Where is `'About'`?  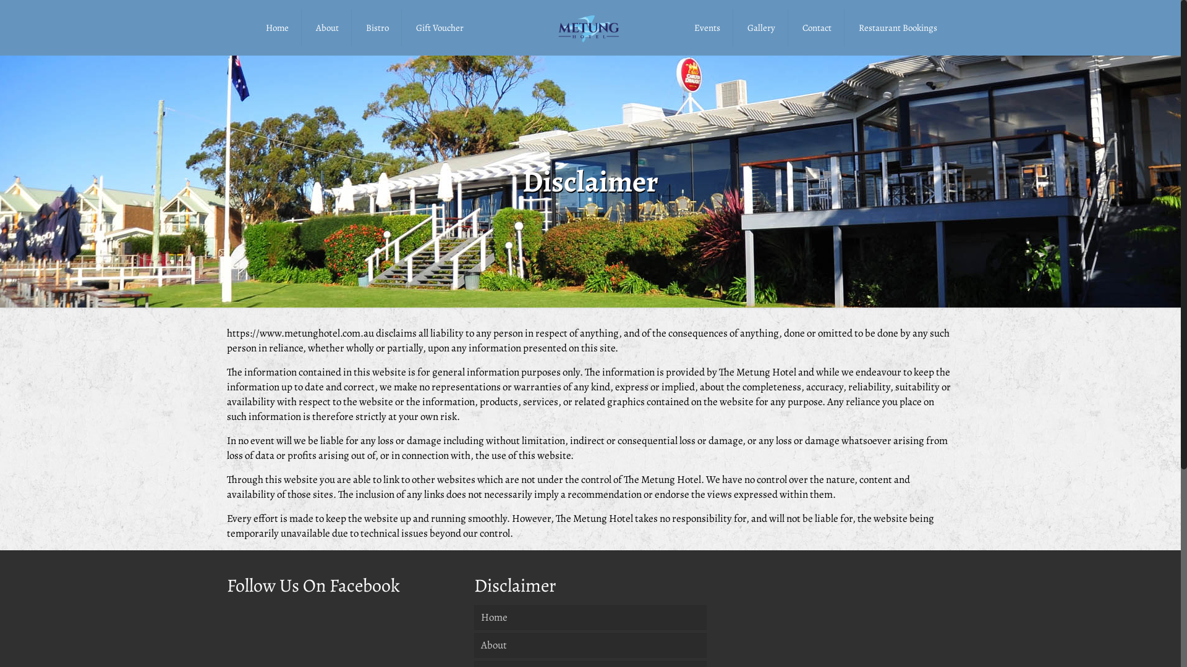
'About' is located at coordinates (327, 28).